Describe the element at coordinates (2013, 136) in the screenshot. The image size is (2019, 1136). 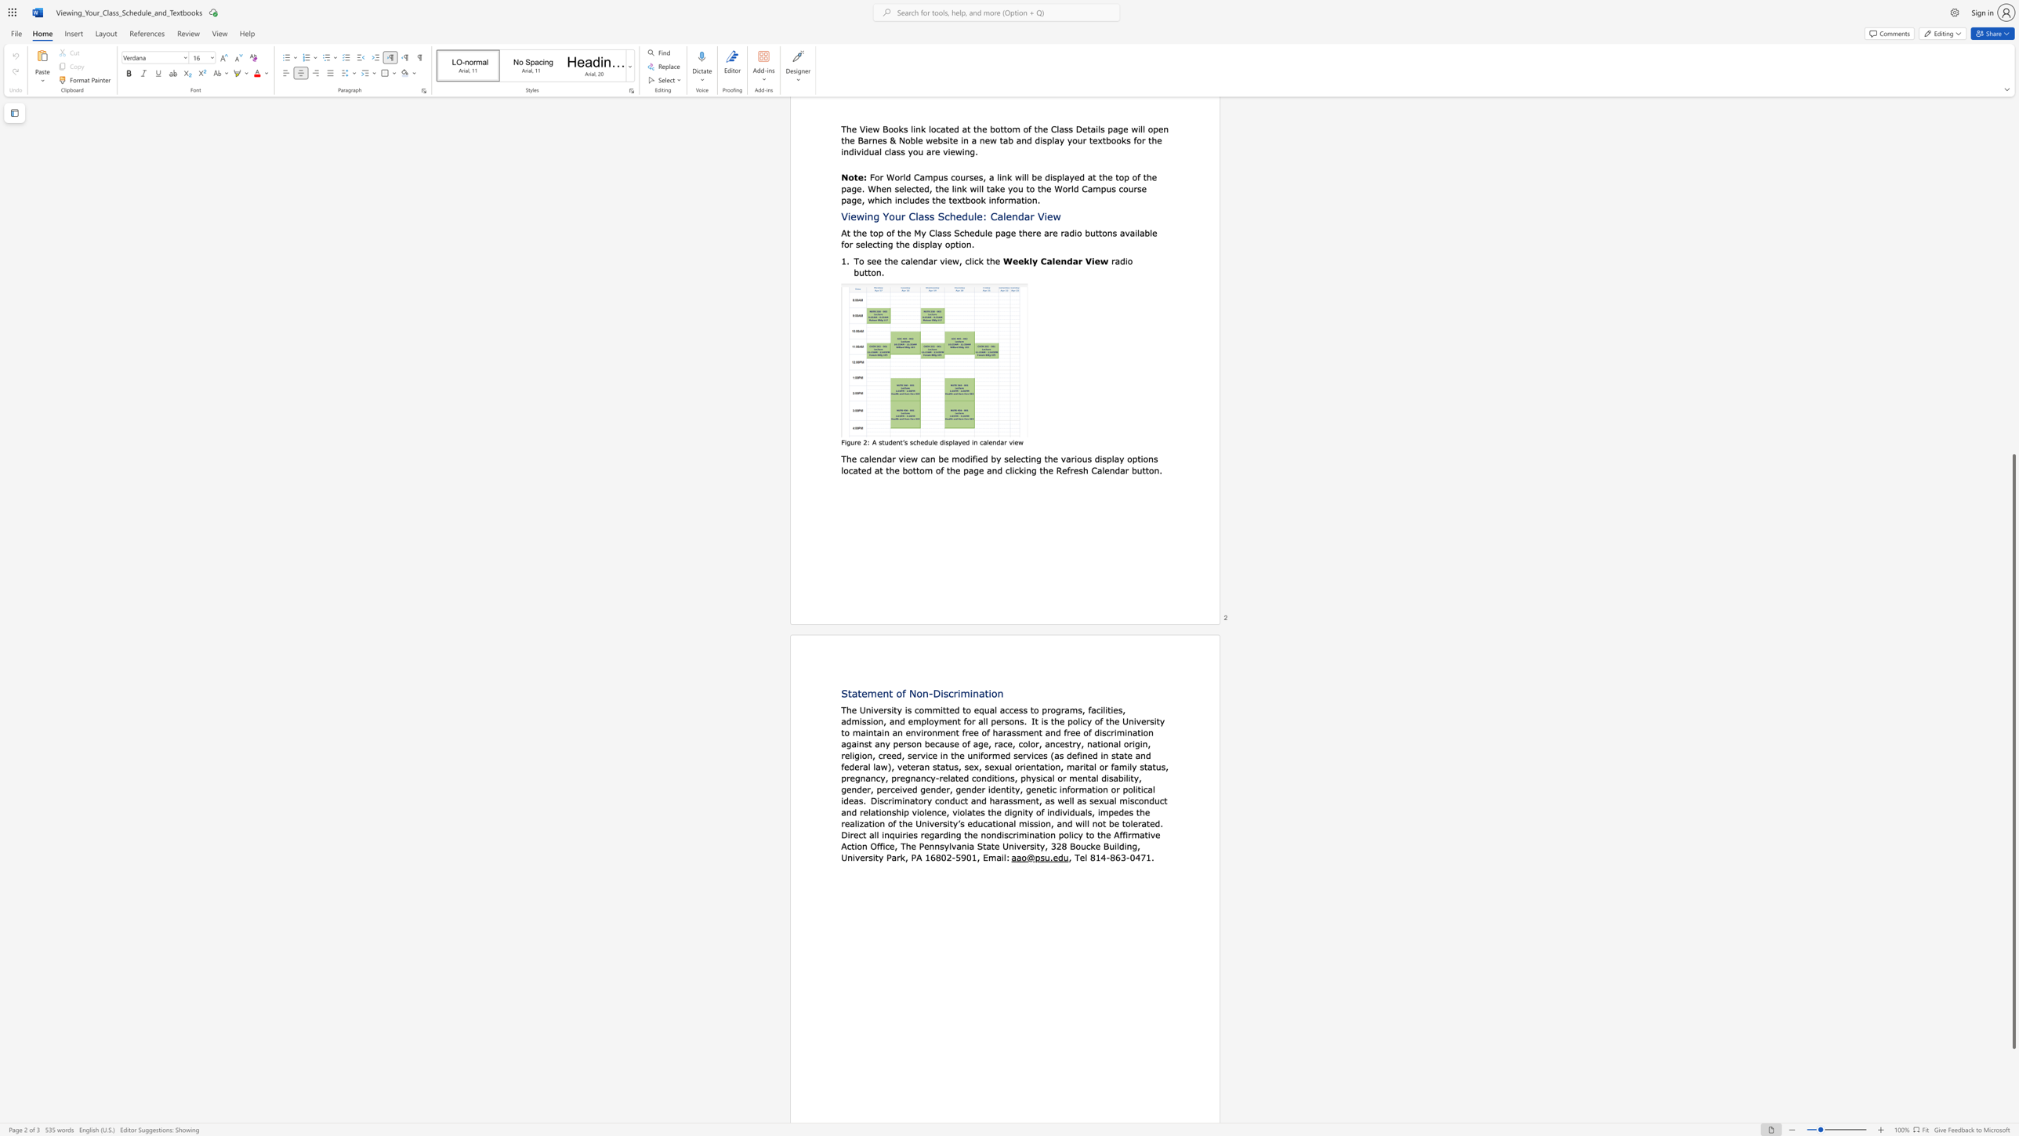
I see `the scrollbar on the right side to scroll the page up` at that location.